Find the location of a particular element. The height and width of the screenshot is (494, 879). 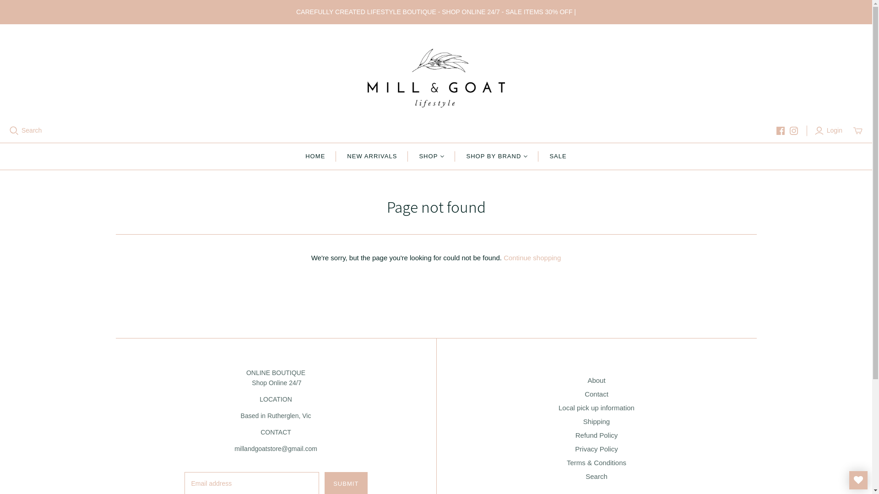

'About' is located at coordinates (596, 380).